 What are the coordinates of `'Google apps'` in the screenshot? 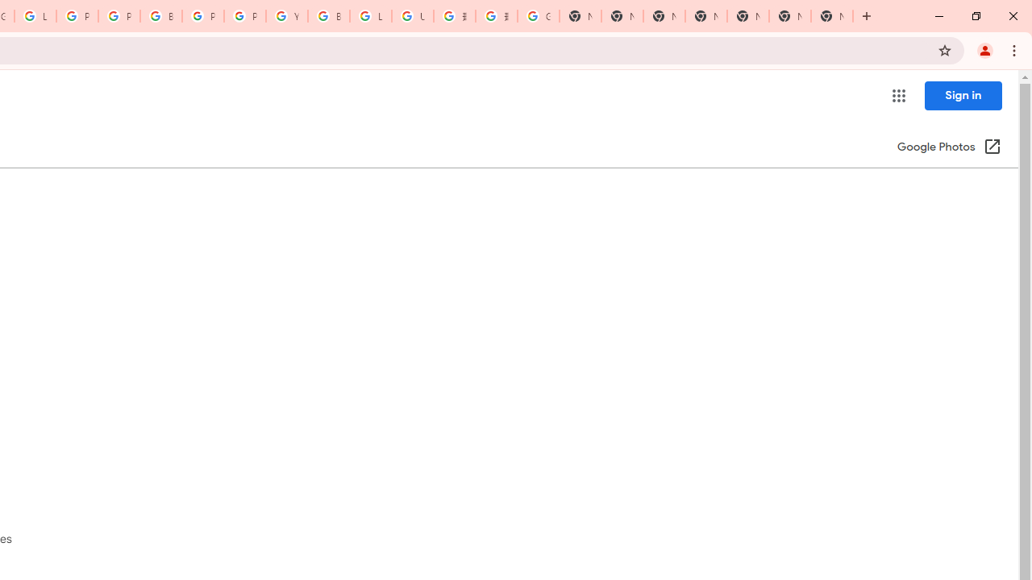 It's located at (897, 96).